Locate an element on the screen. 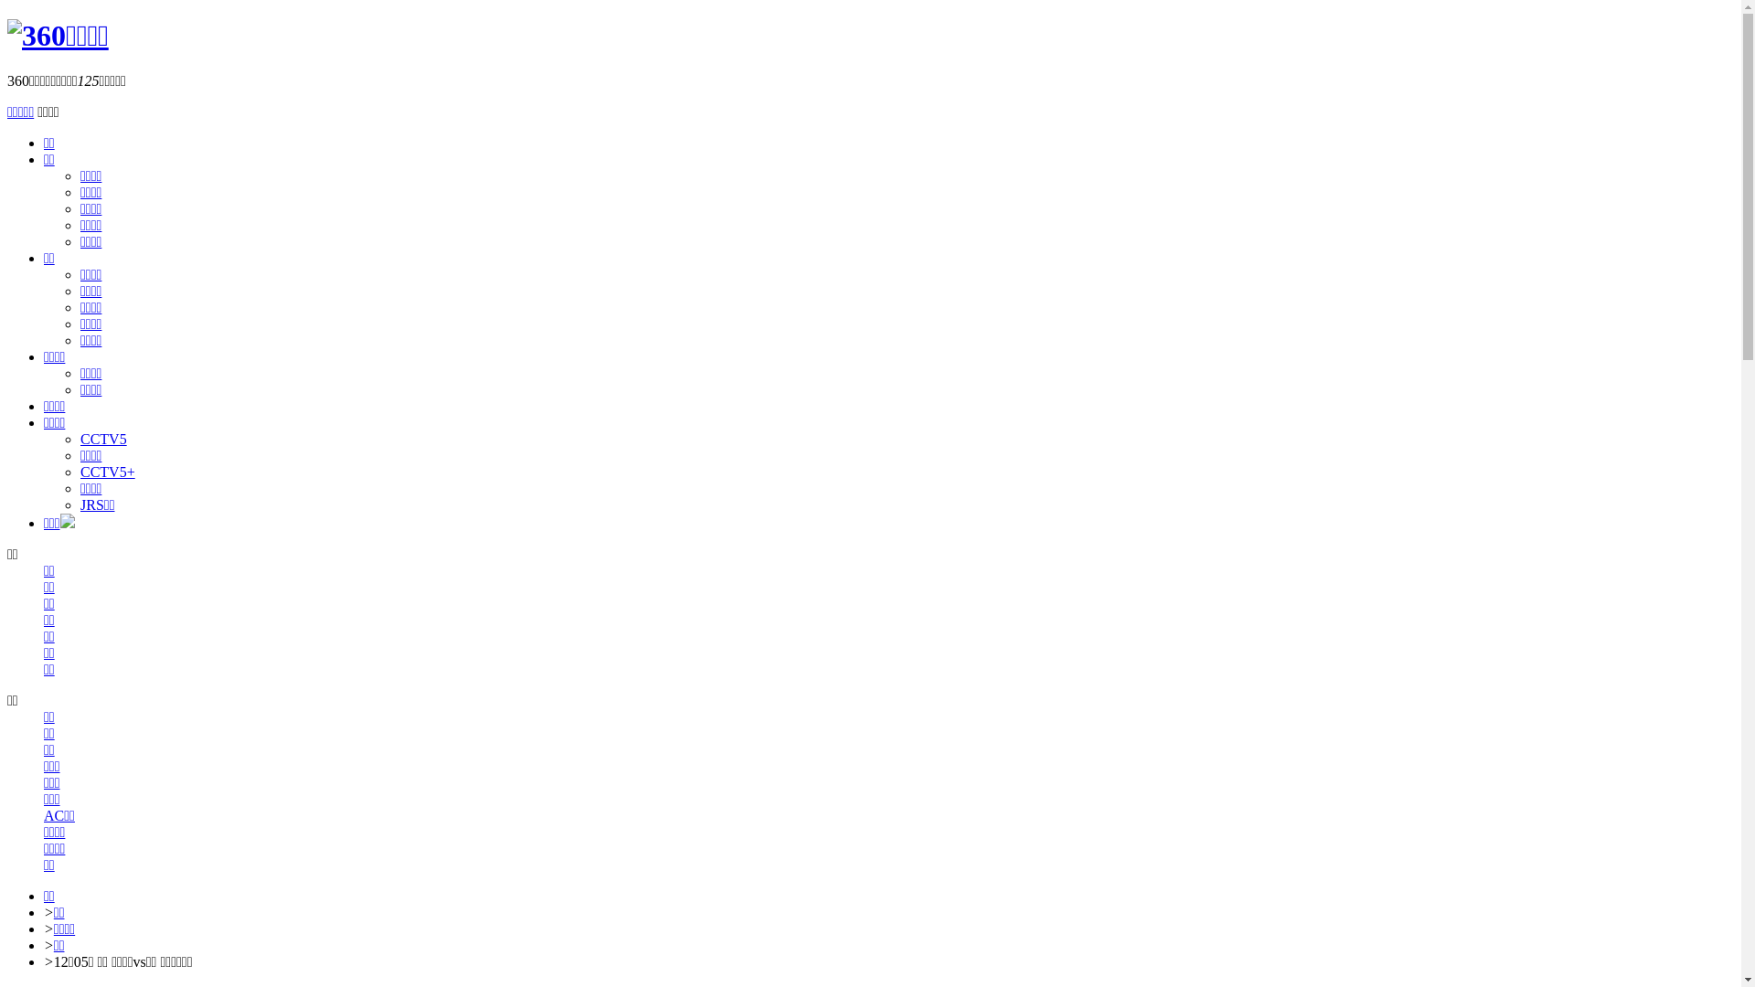  'CCTV5+' is located at coordinates (107, 471).